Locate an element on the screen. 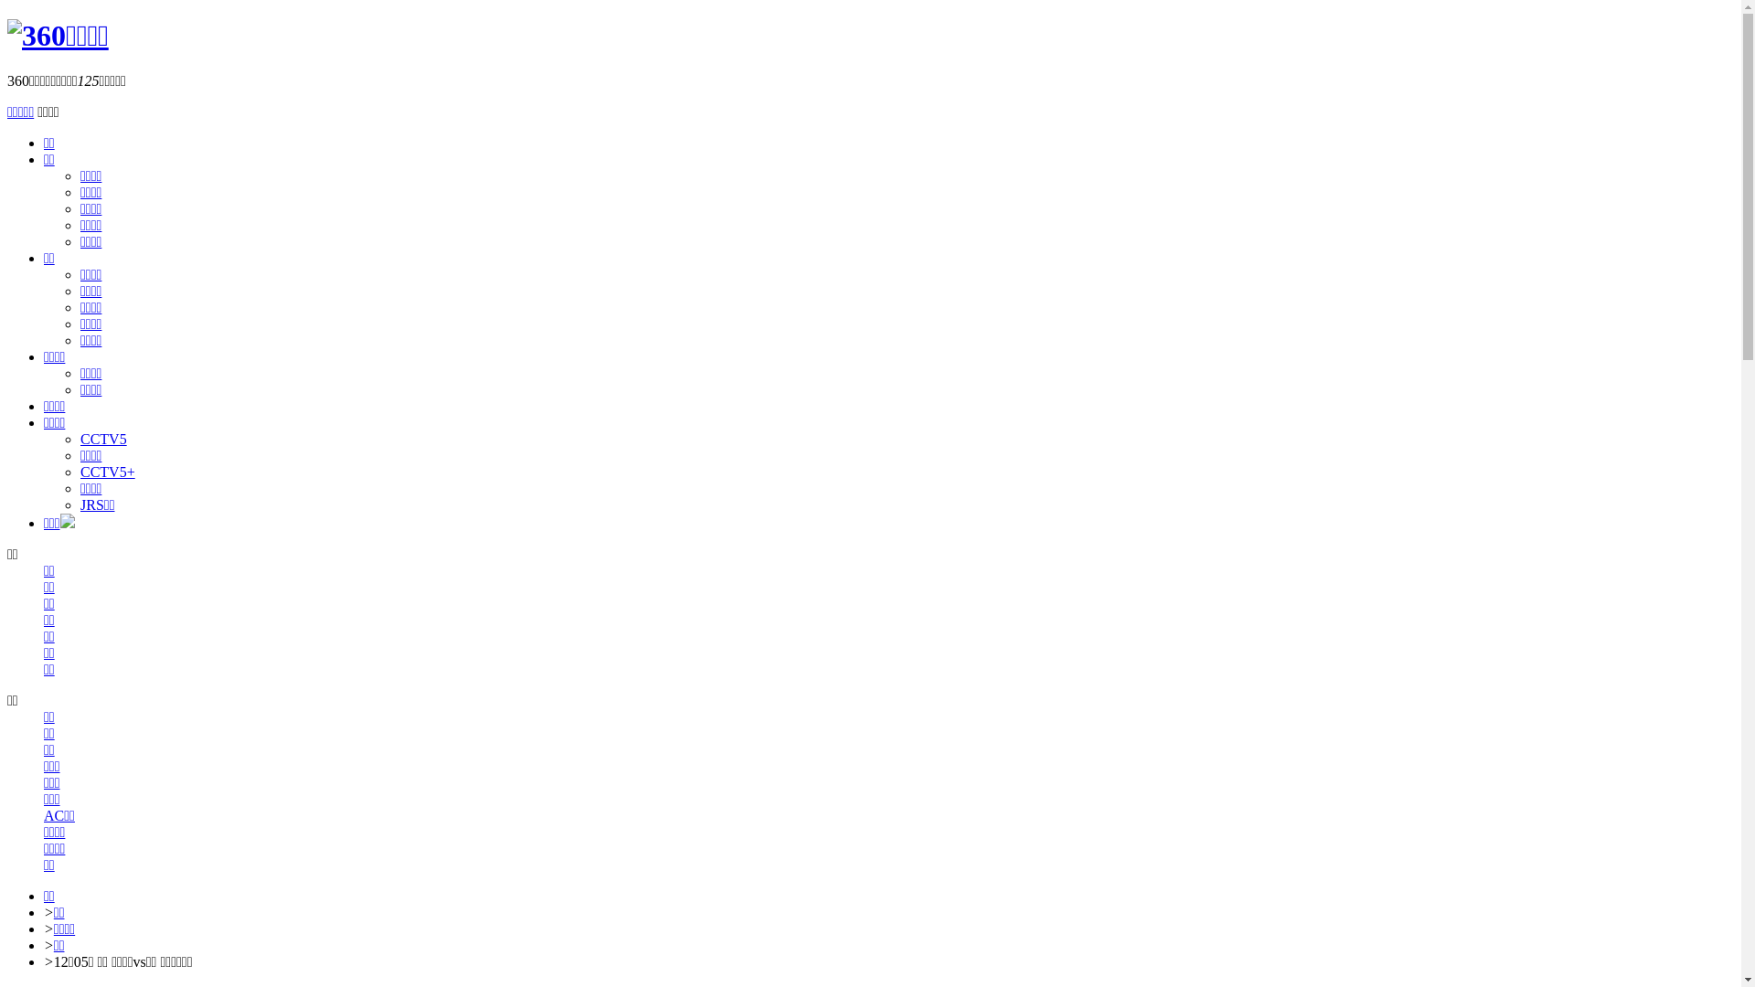  'CCTV5+' is located at coordinates (107, 471).